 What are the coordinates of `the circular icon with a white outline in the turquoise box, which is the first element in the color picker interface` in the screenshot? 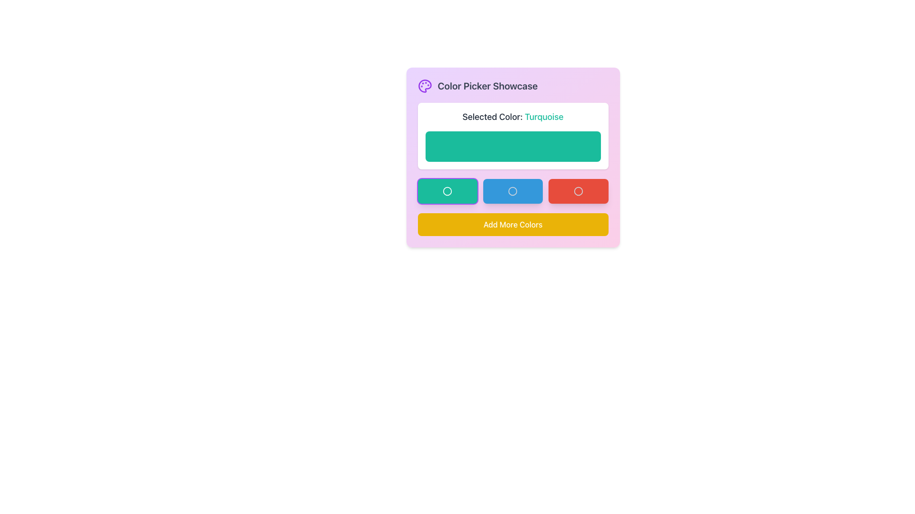 It's located at (447, 191).